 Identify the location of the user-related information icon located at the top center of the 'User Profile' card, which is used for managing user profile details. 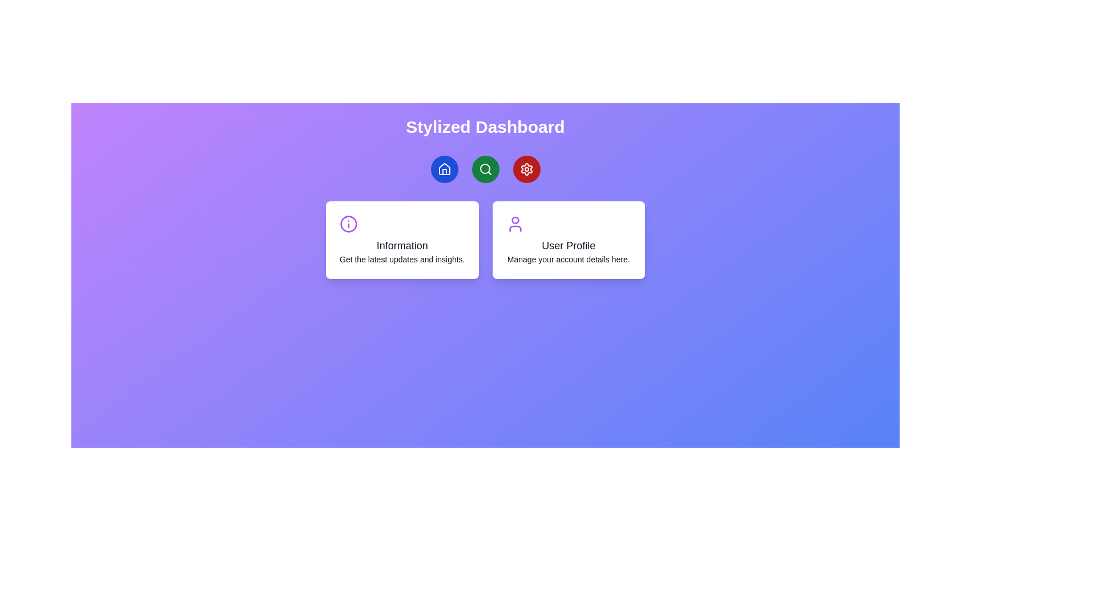
(514, 224).